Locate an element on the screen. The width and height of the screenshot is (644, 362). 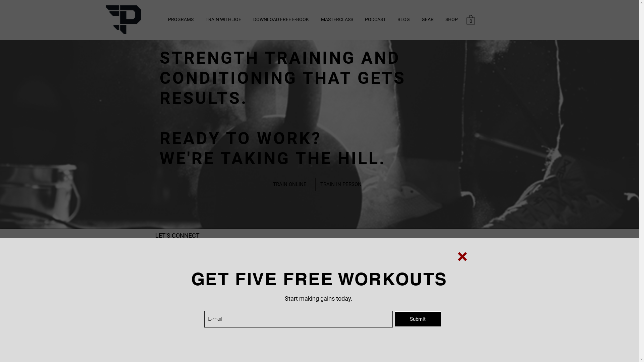
'MASTERCLASS' is located at coordinates (336, 19).